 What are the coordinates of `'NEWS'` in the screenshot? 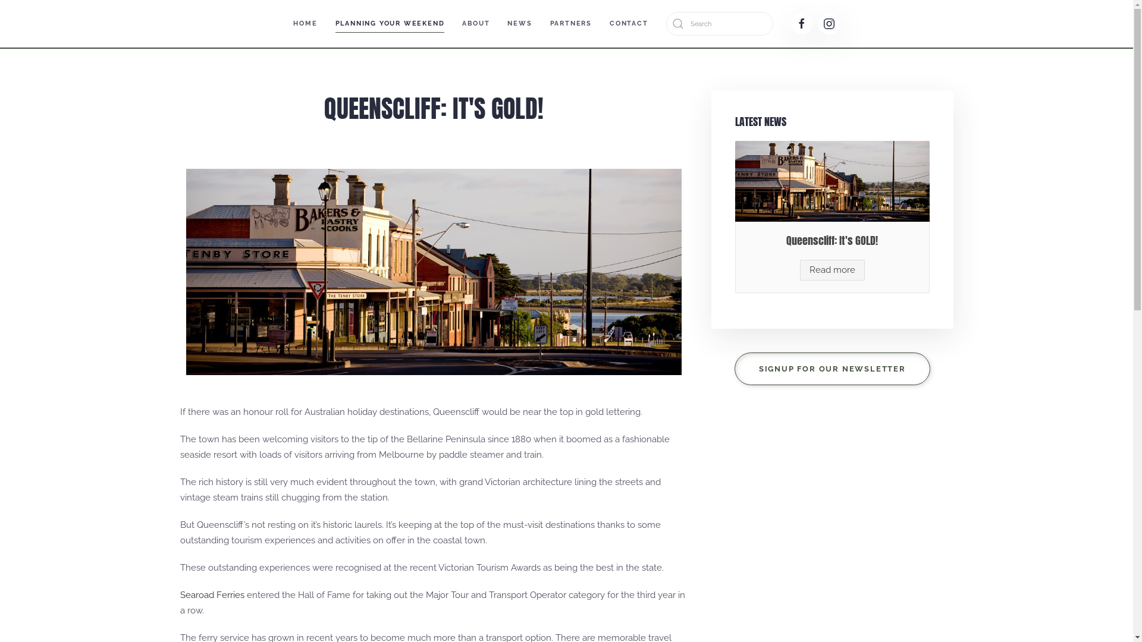 It's located at (519, 23).